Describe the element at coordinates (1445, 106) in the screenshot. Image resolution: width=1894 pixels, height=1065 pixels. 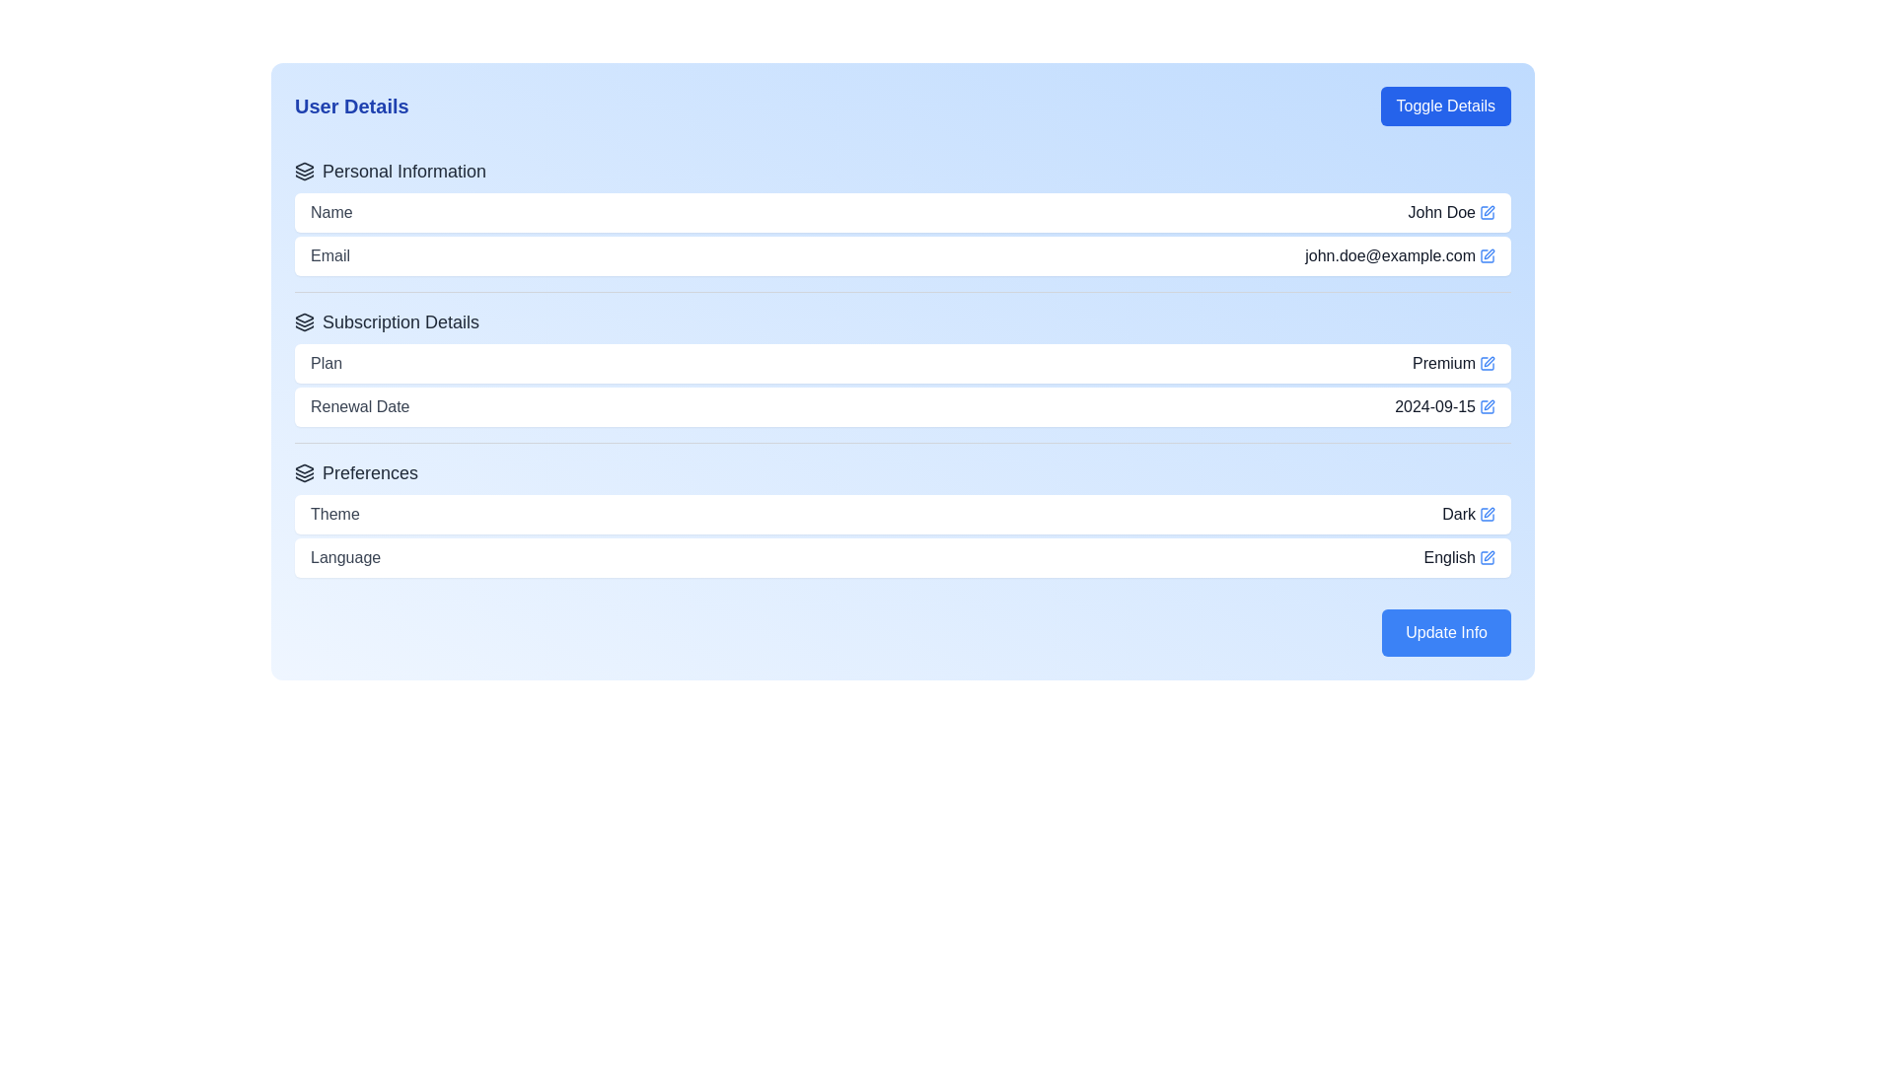
I see `the 'Toggle Details' button, which is a rectangular button with rounded corners, a bright blue background, and white text, located in the top-right region of the user interface` at that location.